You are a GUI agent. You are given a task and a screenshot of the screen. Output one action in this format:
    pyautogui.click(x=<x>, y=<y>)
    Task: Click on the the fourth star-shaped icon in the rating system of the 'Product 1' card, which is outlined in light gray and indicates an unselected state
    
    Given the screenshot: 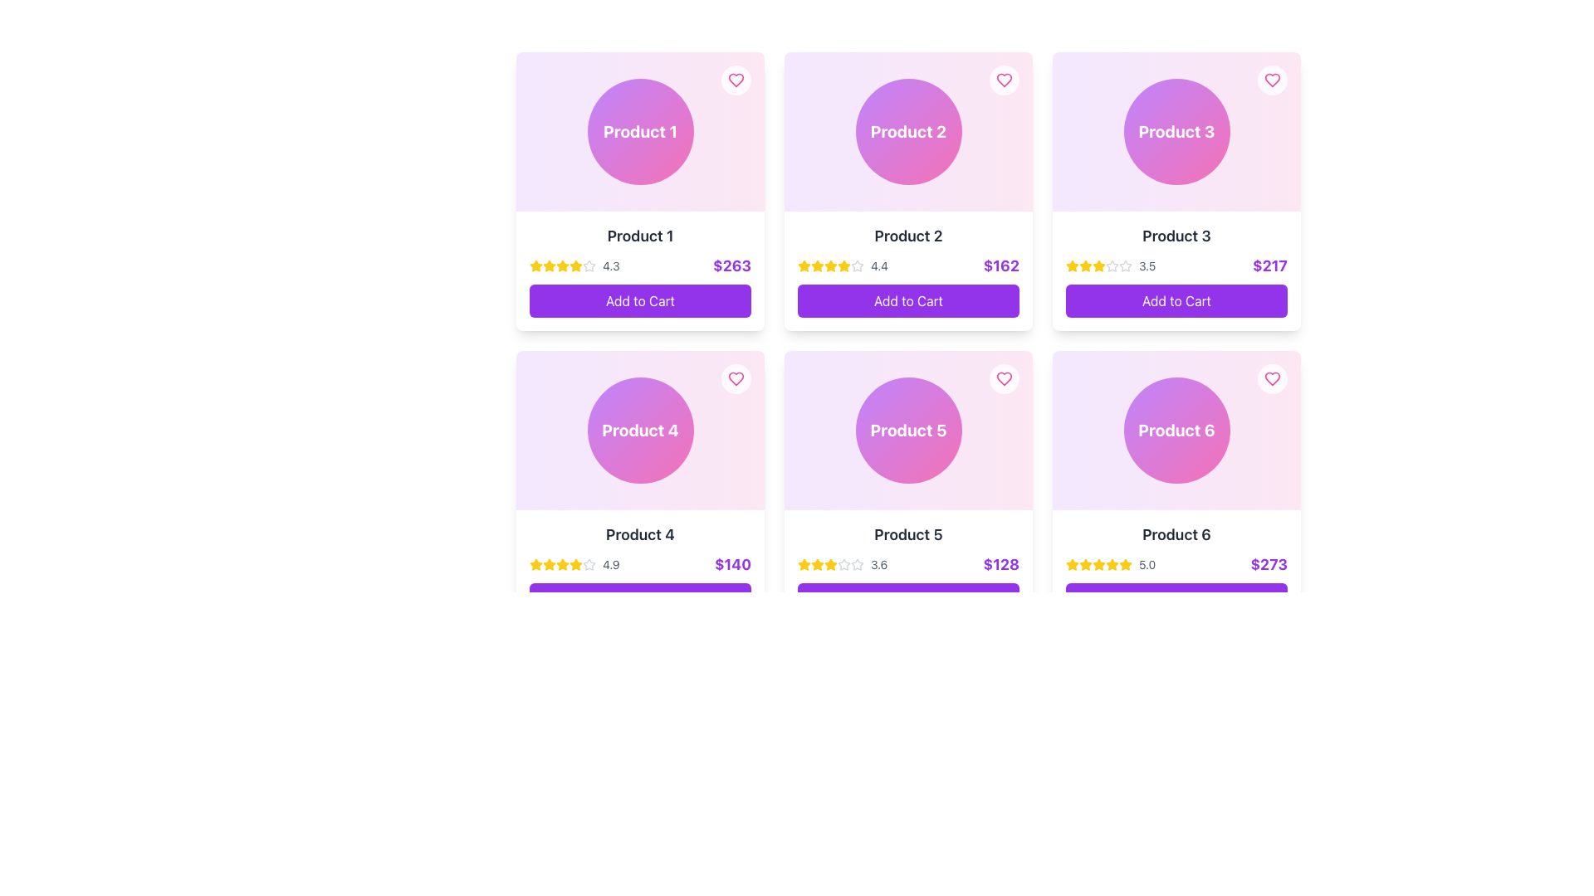 What is the action you would take?
    pyautogui.click(x=589, y=265)
    